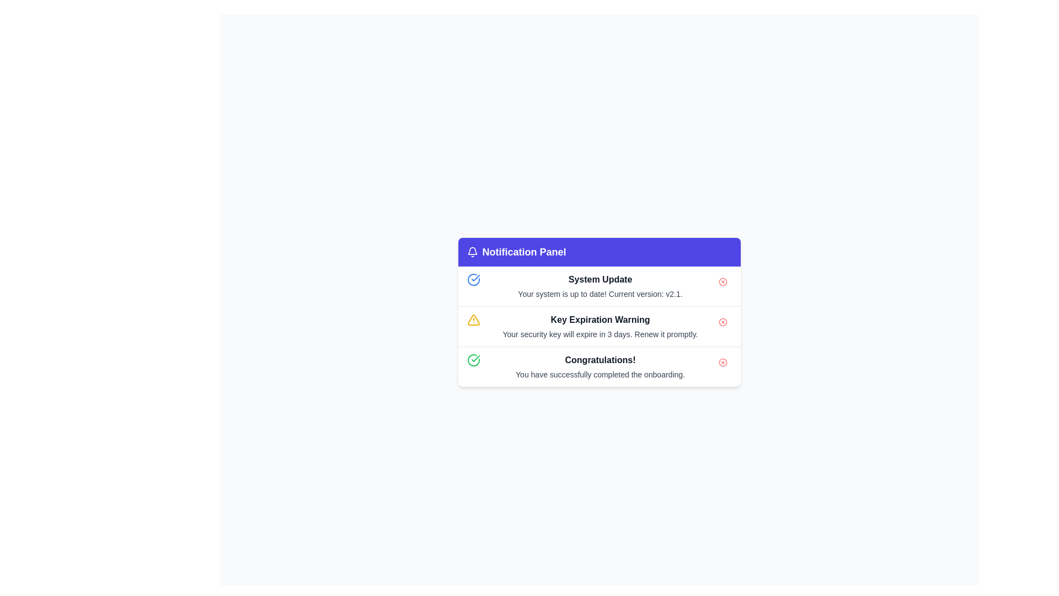  What do you see at coordinates (598, 286) in the screenshot?
I see `title and message of the first notification entry in the notification panel, which informs users about a system update and indicates that the system is up to date` at bounding box center [598, 286].